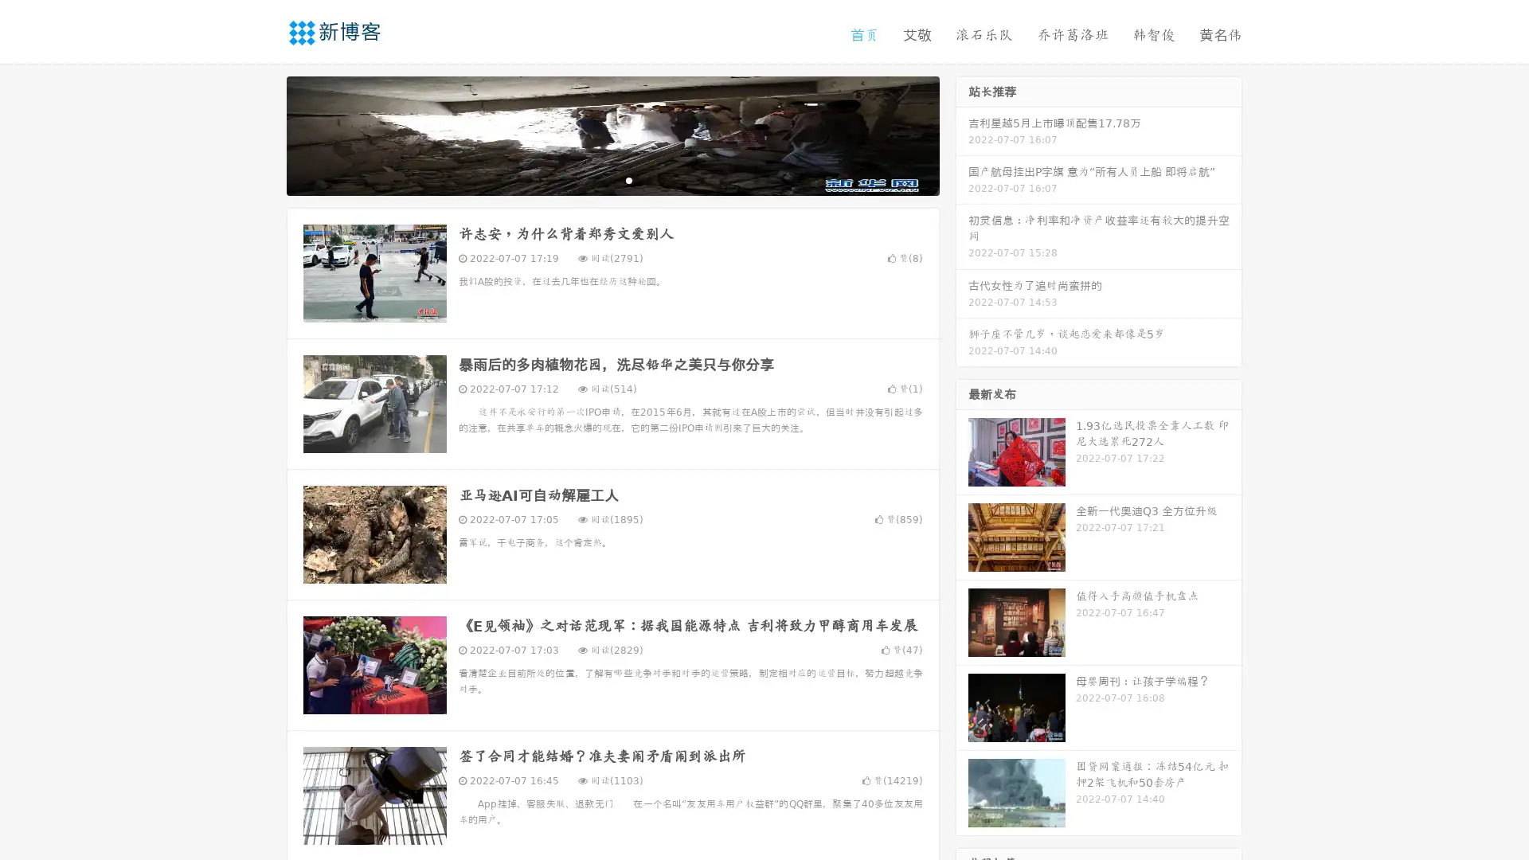 This screenshot has height=860, width=1529. I want to click on Previous slide, so click(263, 134).